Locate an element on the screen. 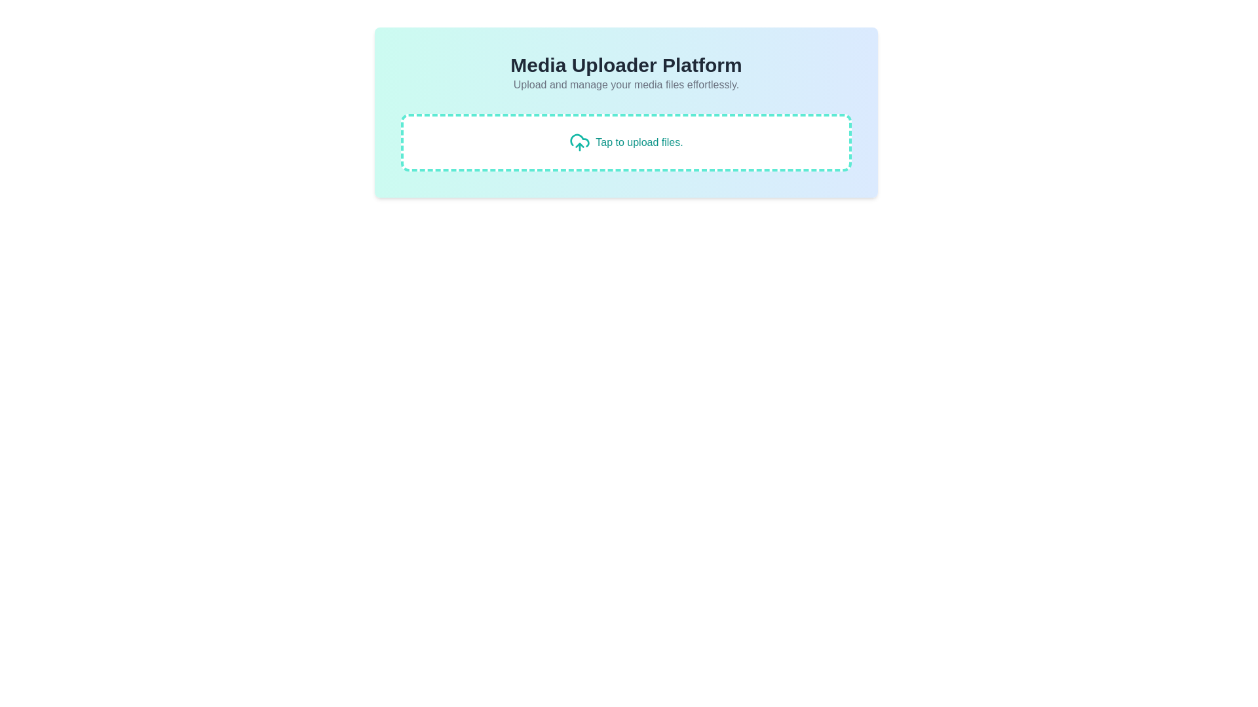 The height and width of the screenshot is (707, 1258). the text label displaying 'Tap to upload files.' which is styled in teal color and located within a dashed bordered rectangular area, positioned to the right of the cloud-upload icon is located at coordinates (639, 143).